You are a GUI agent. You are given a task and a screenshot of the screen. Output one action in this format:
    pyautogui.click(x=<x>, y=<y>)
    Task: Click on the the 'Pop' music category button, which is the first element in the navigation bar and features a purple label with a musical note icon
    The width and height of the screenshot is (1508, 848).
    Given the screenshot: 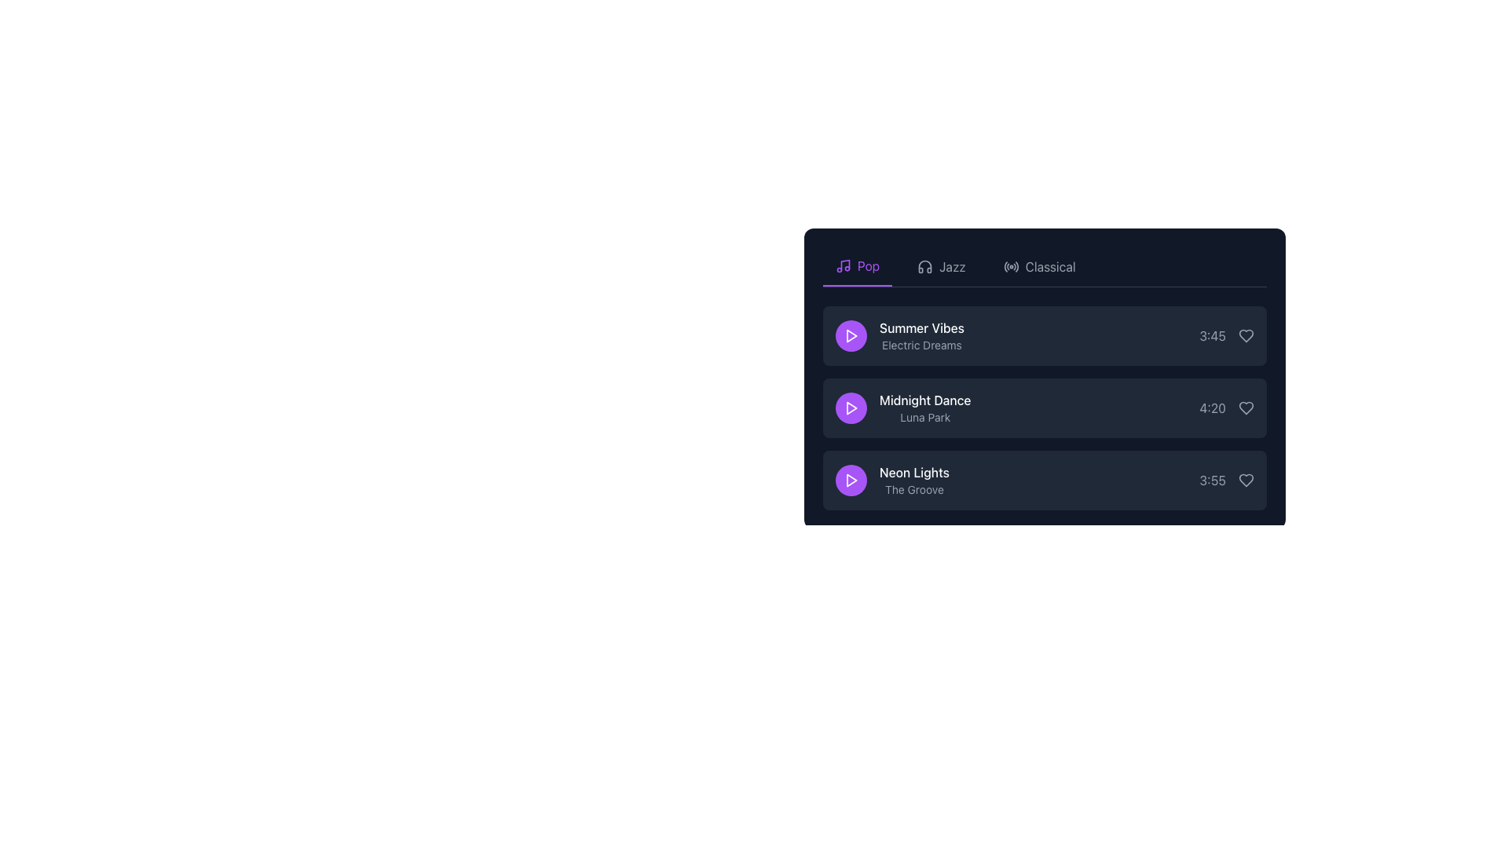 What is the action you would take?
    pyautogui.click(x=857, y=265)
    